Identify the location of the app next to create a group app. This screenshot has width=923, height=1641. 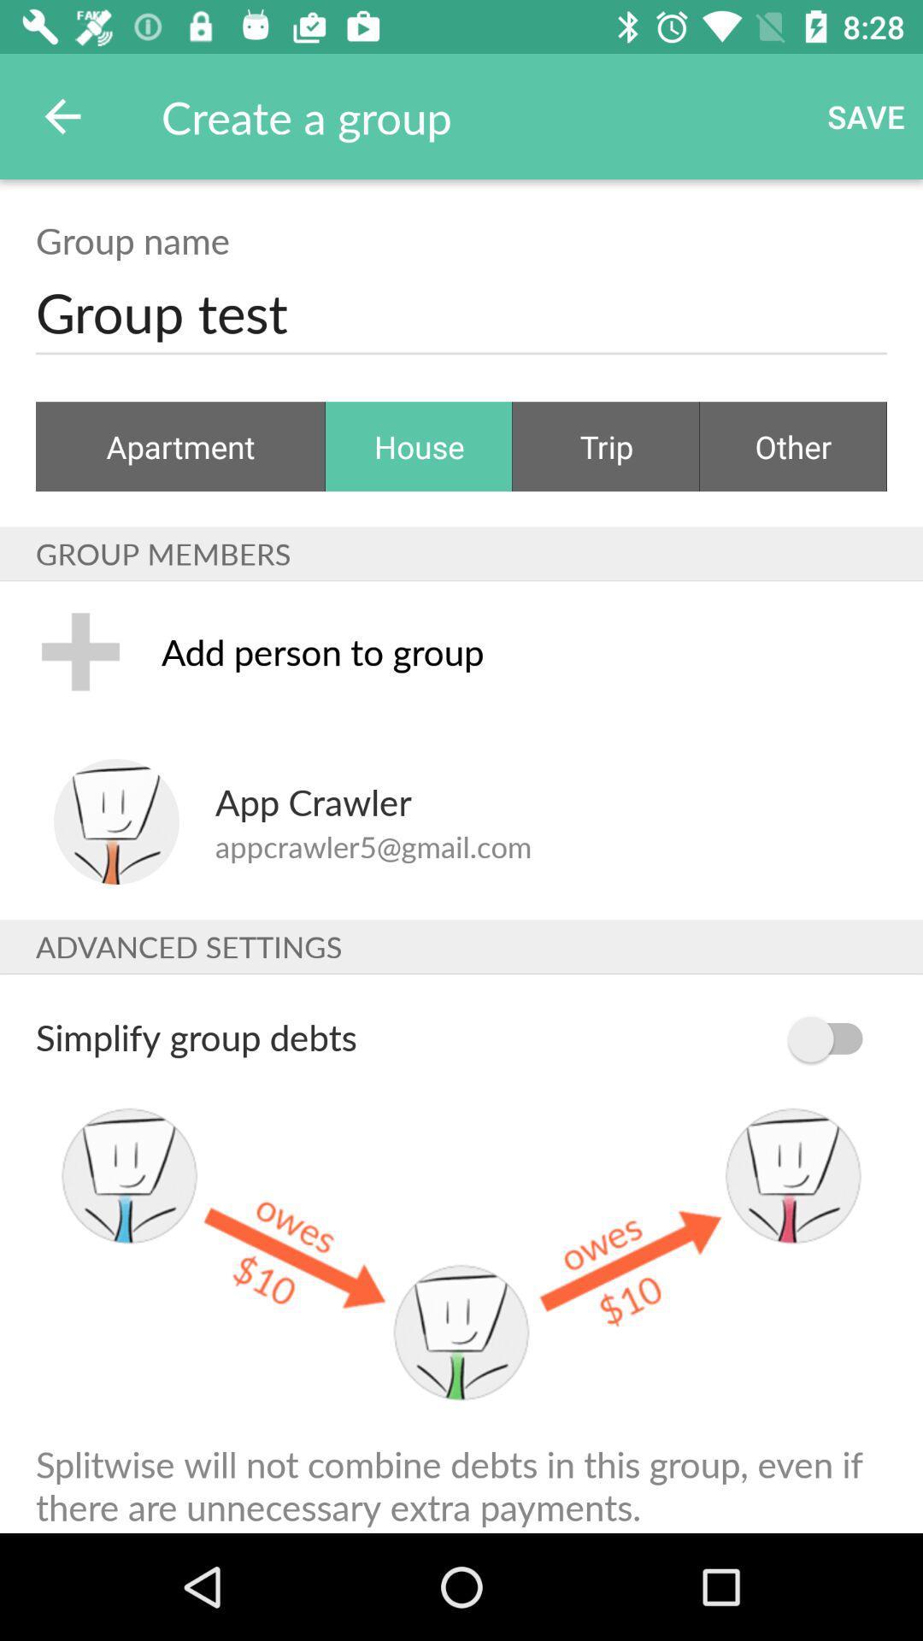
(62, 115).